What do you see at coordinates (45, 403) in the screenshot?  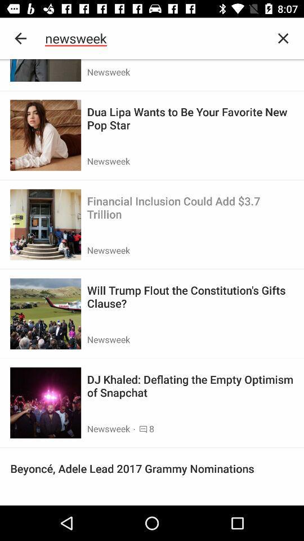 I see `tap on the last image present at the bottom right corner` at bounding box center [45, 403].